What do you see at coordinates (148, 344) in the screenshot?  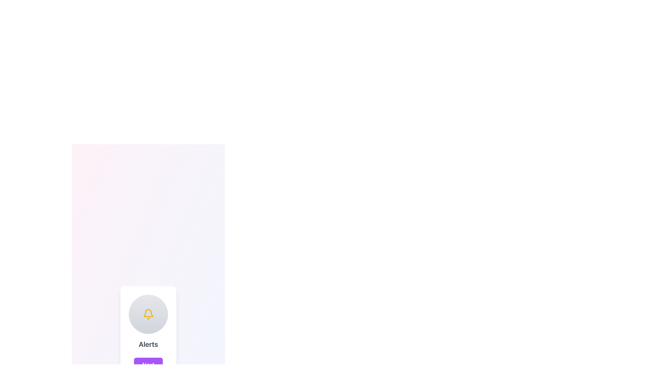 I see `the text label displaying 'Alerts', which is styled in a large, bold gray font and positioned below a circular bell icon and above the 'Next' button` at bounding box center [148, 344].